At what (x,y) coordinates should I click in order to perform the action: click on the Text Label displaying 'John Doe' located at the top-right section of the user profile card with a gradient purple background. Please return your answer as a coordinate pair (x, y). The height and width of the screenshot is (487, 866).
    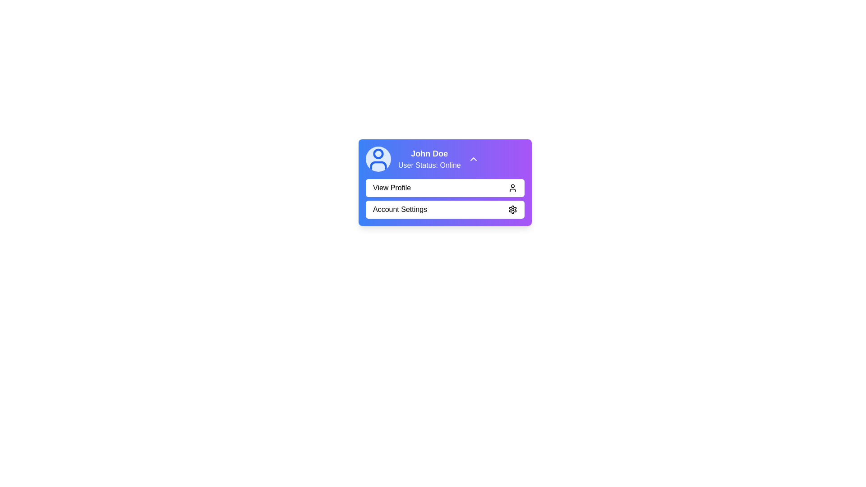
    Looking at the image, I should click on (429, 153).